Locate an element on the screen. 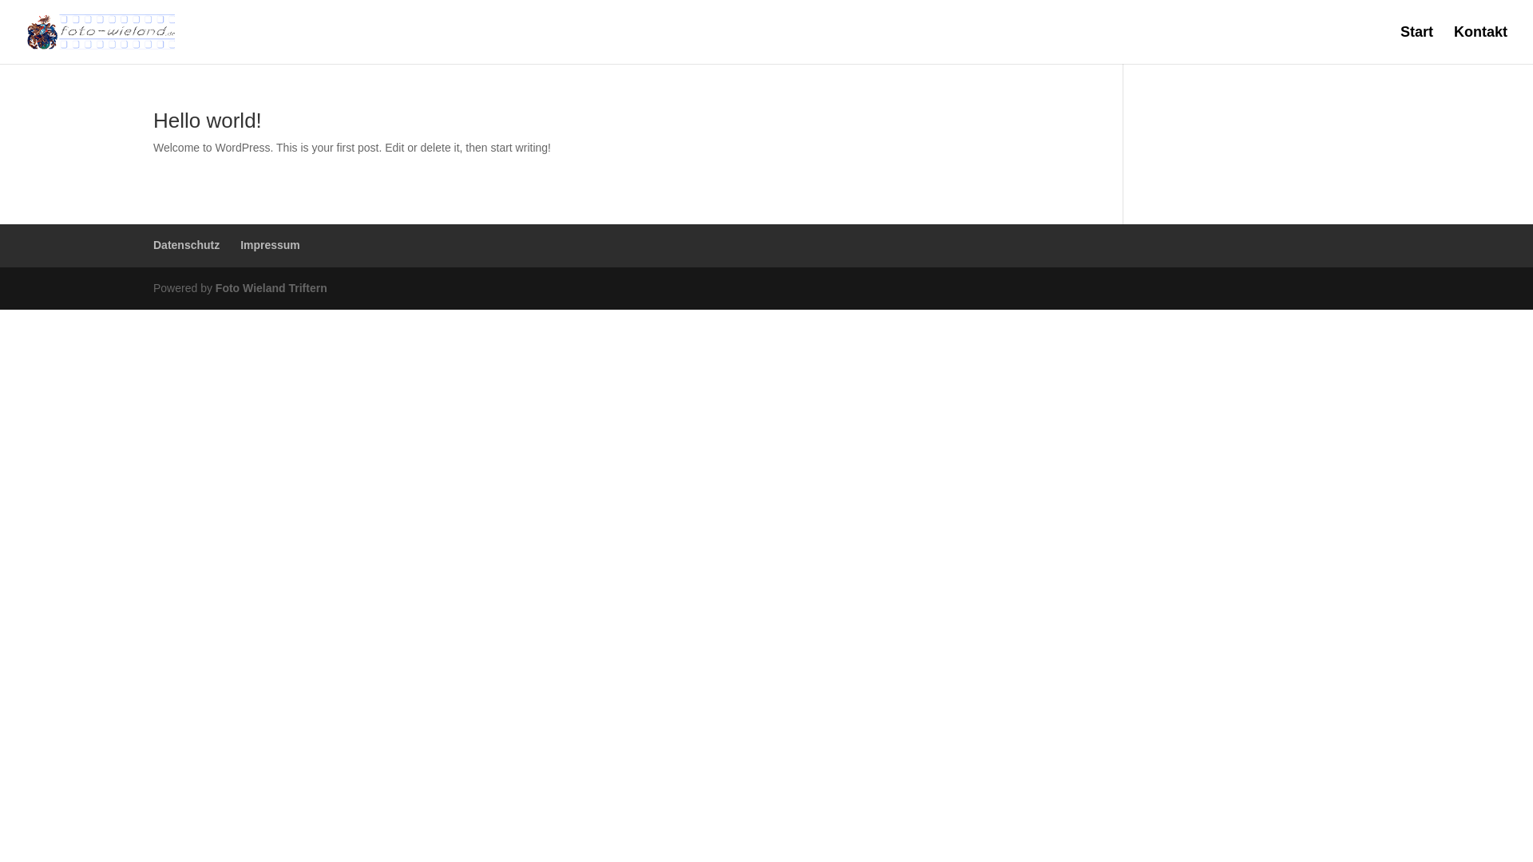 The image size is (1533, 862). 'Start' is located at coordinates (1399, 44).